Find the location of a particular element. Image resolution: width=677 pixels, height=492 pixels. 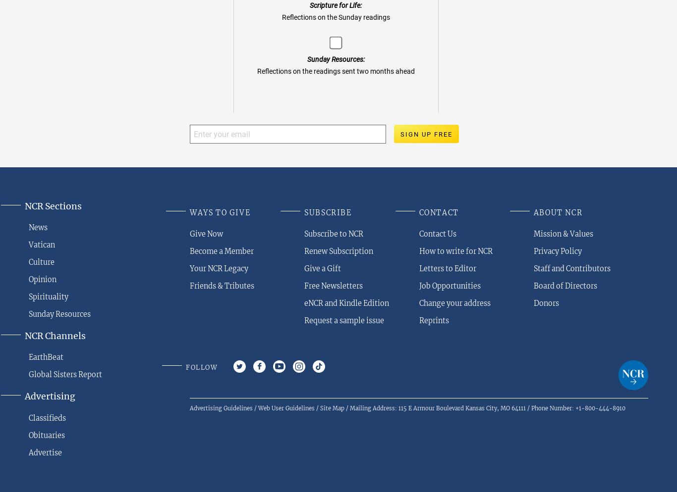

'News' is located at coordinates (29, 228).